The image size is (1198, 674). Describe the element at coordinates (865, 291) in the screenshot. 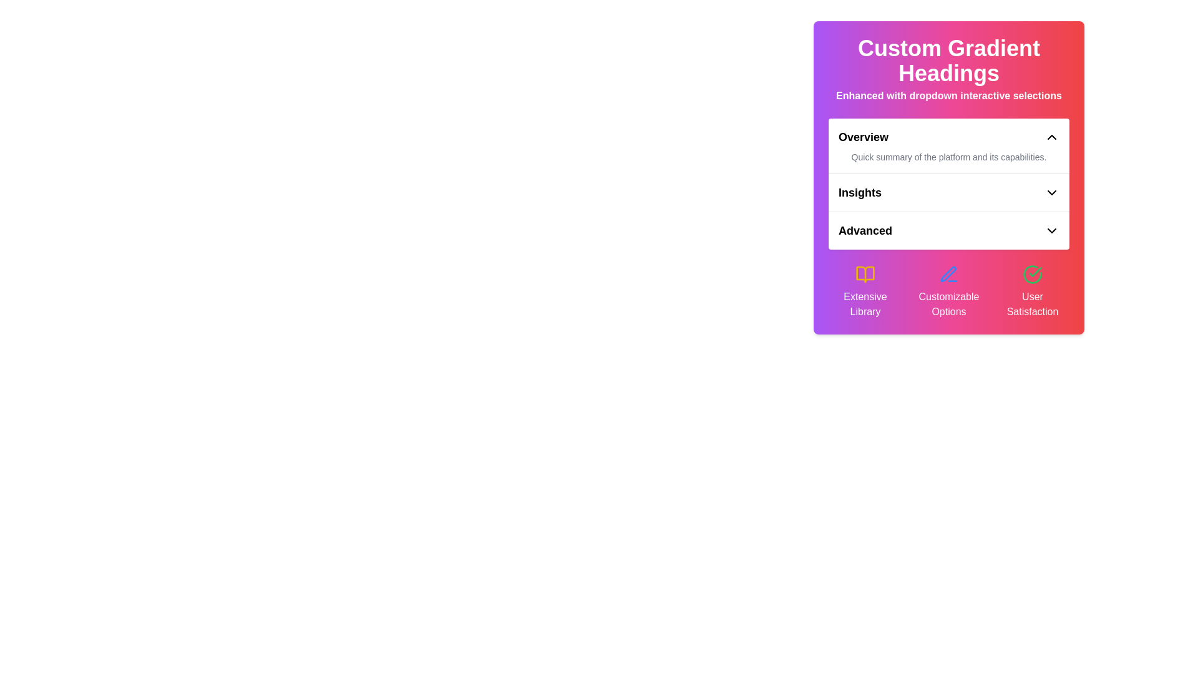

I see `the 'Extensive Library' icon-label combination, which features a yellow open book icon above the text in white font, located at the bottom left of the colorful gradient box` at that location.